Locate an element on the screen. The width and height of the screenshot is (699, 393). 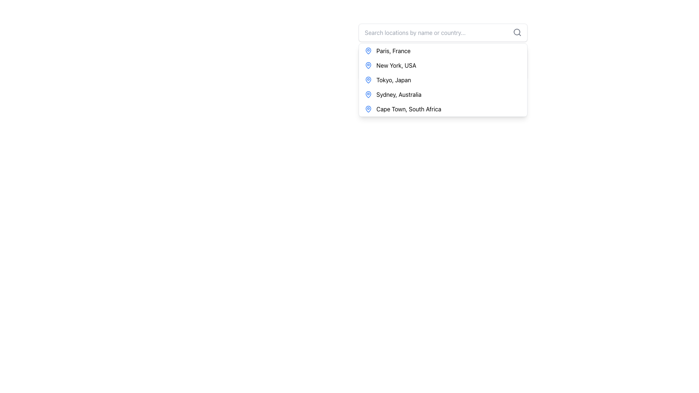
the text label 'Paris, France' which is the first item in the dropdown menu, aligned with a location pin icon is located at coordinates (393, 50).